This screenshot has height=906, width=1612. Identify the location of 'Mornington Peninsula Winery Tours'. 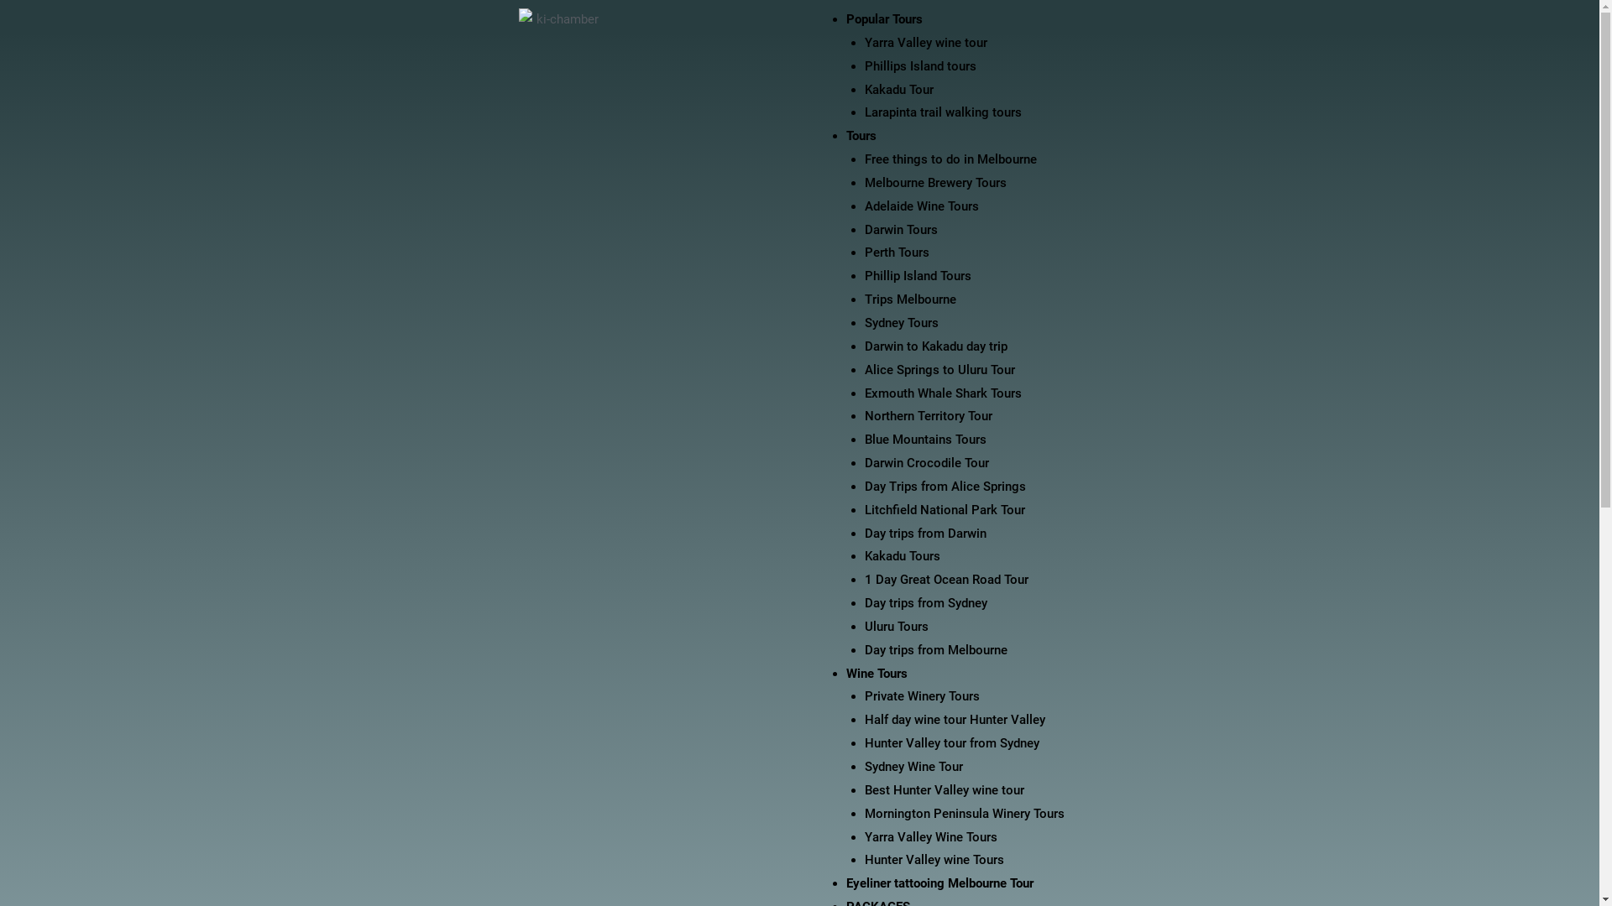
(865, 812).